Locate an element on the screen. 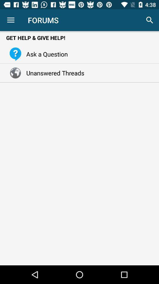  get help give item is located at coordinates (79, 37).